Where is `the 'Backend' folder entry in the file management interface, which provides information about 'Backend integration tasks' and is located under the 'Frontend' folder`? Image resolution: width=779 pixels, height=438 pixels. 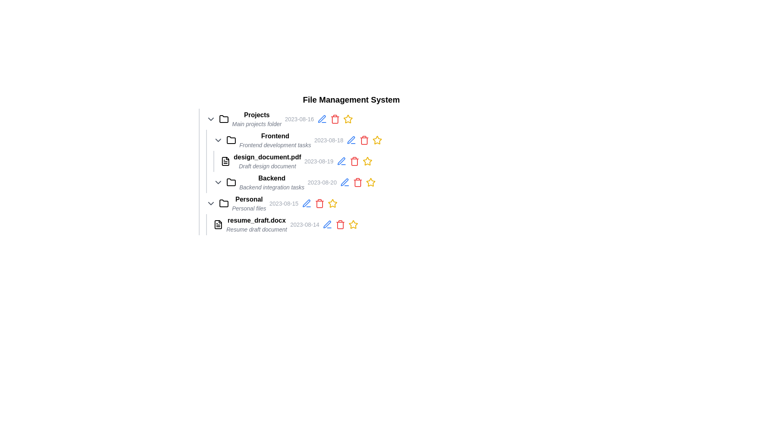
the 'Backend' folder entry in the file management interface, which provides information about 'Backend integration tasks' and is located under the 'Frontend' folder is located at coordinates (272, 182).